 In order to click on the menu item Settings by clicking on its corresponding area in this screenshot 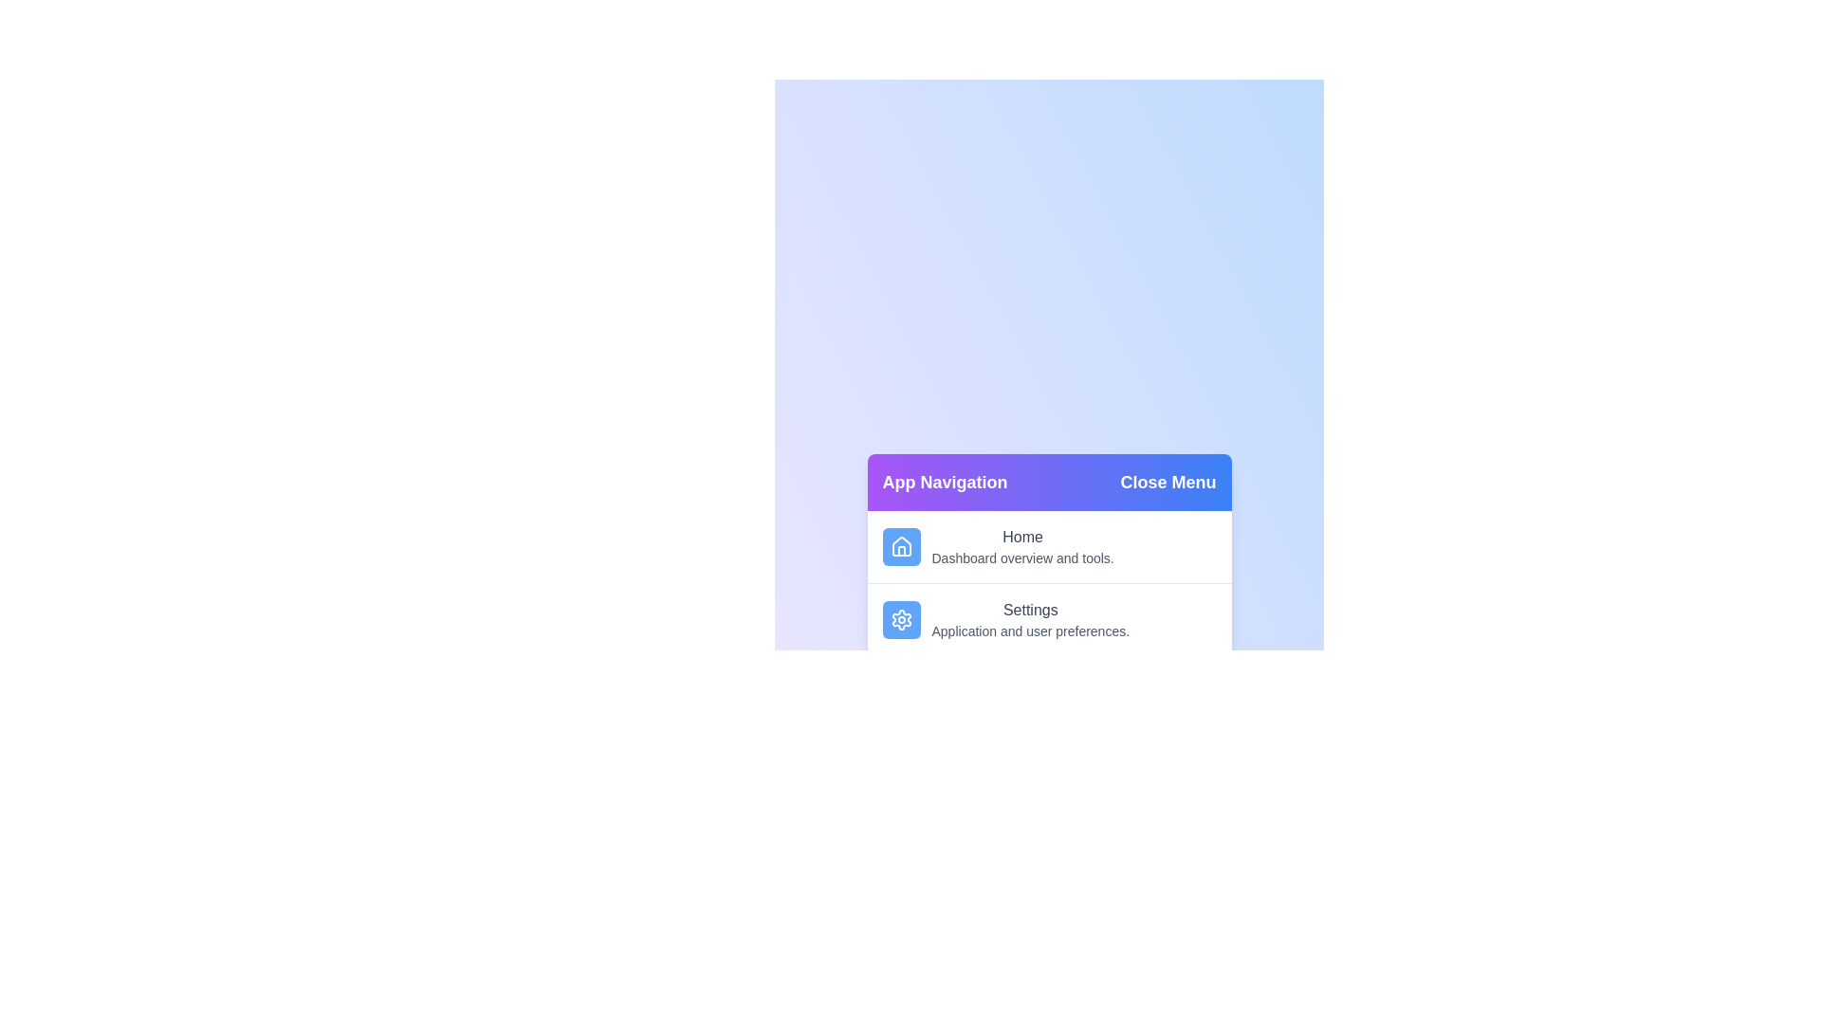, I will do `click(900, 620)`.